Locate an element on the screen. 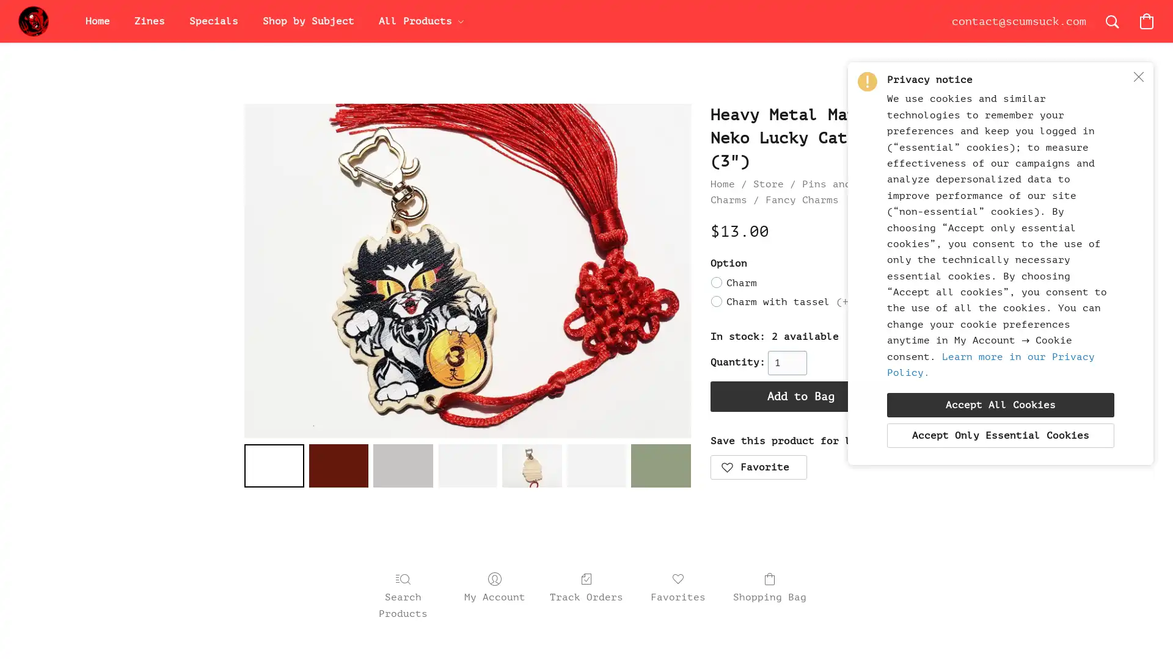 The height and width of the screenshot is (659, 1173). Search the website is located at coordinates (1112, 21).